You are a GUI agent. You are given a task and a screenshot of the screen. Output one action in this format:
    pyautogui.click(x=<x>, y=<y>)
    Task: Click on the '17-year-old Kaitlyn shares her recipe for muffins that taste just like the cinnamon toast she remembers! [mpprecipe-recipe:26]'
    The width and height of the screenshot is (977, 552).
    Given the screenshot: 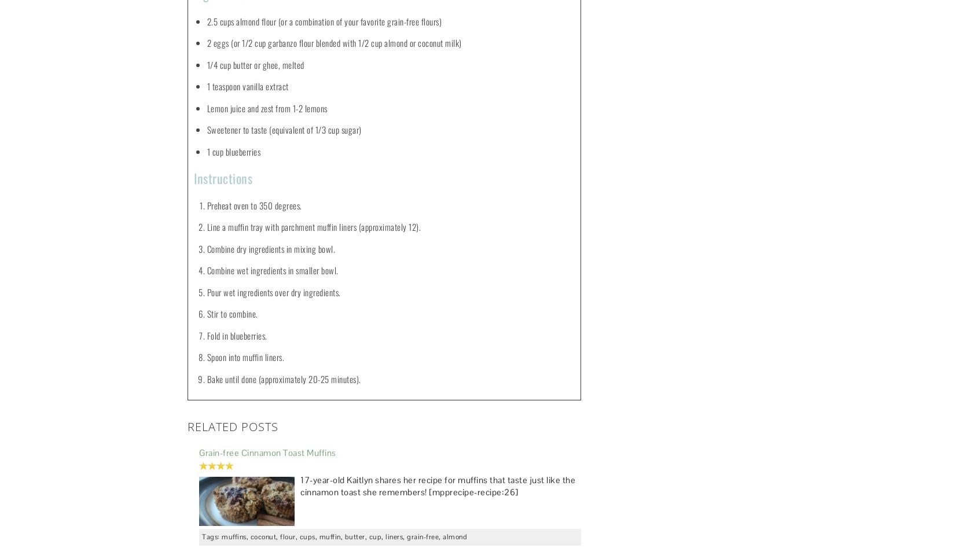 What is the action you would take?
    pyautogui.click(x=438, y=485)
    